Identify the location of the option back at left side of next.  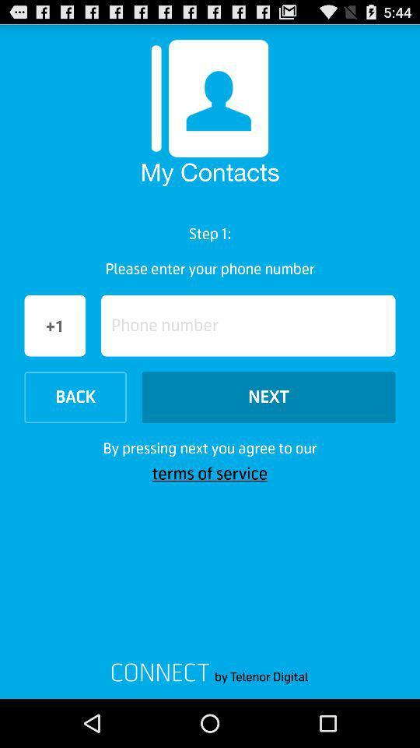
(75, 396).